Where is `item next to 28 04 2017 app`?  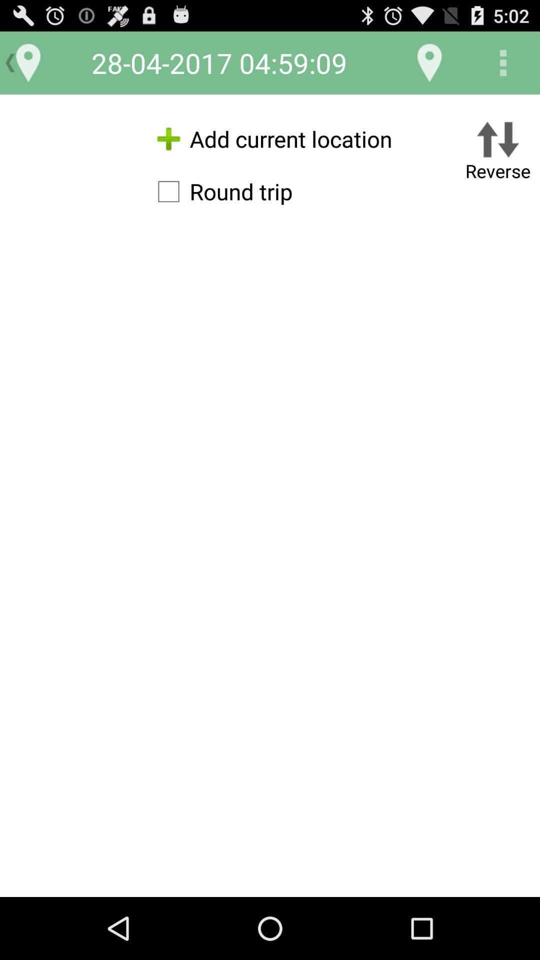 item next to 28 04 2017 app is located at coordinates (429, 62).